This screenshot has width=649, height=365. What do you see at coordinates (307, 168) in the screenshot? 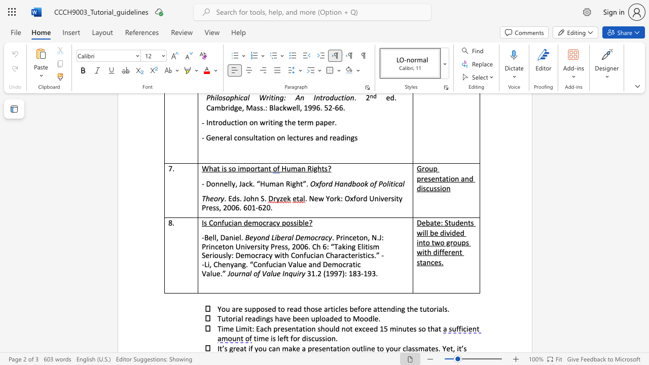
I see `the subset text "Right" within the text "Human Rights?"` at bounding box center [307, 168].